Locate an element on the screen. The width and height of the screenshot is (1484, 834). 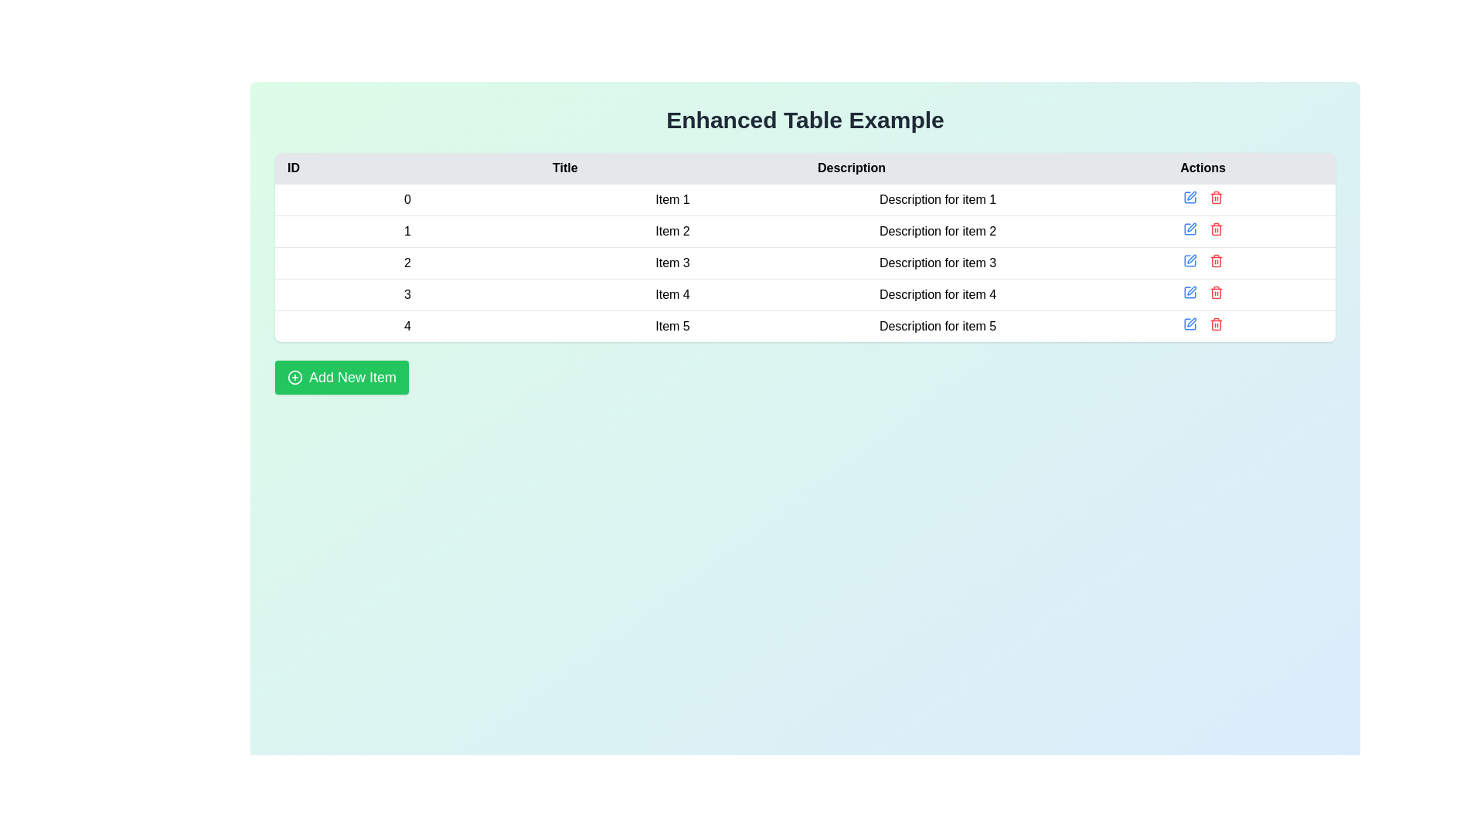
the second row of the table containing the values '1', 'Item 2', 'Description for item 2' is located at coordinates (804, 232).